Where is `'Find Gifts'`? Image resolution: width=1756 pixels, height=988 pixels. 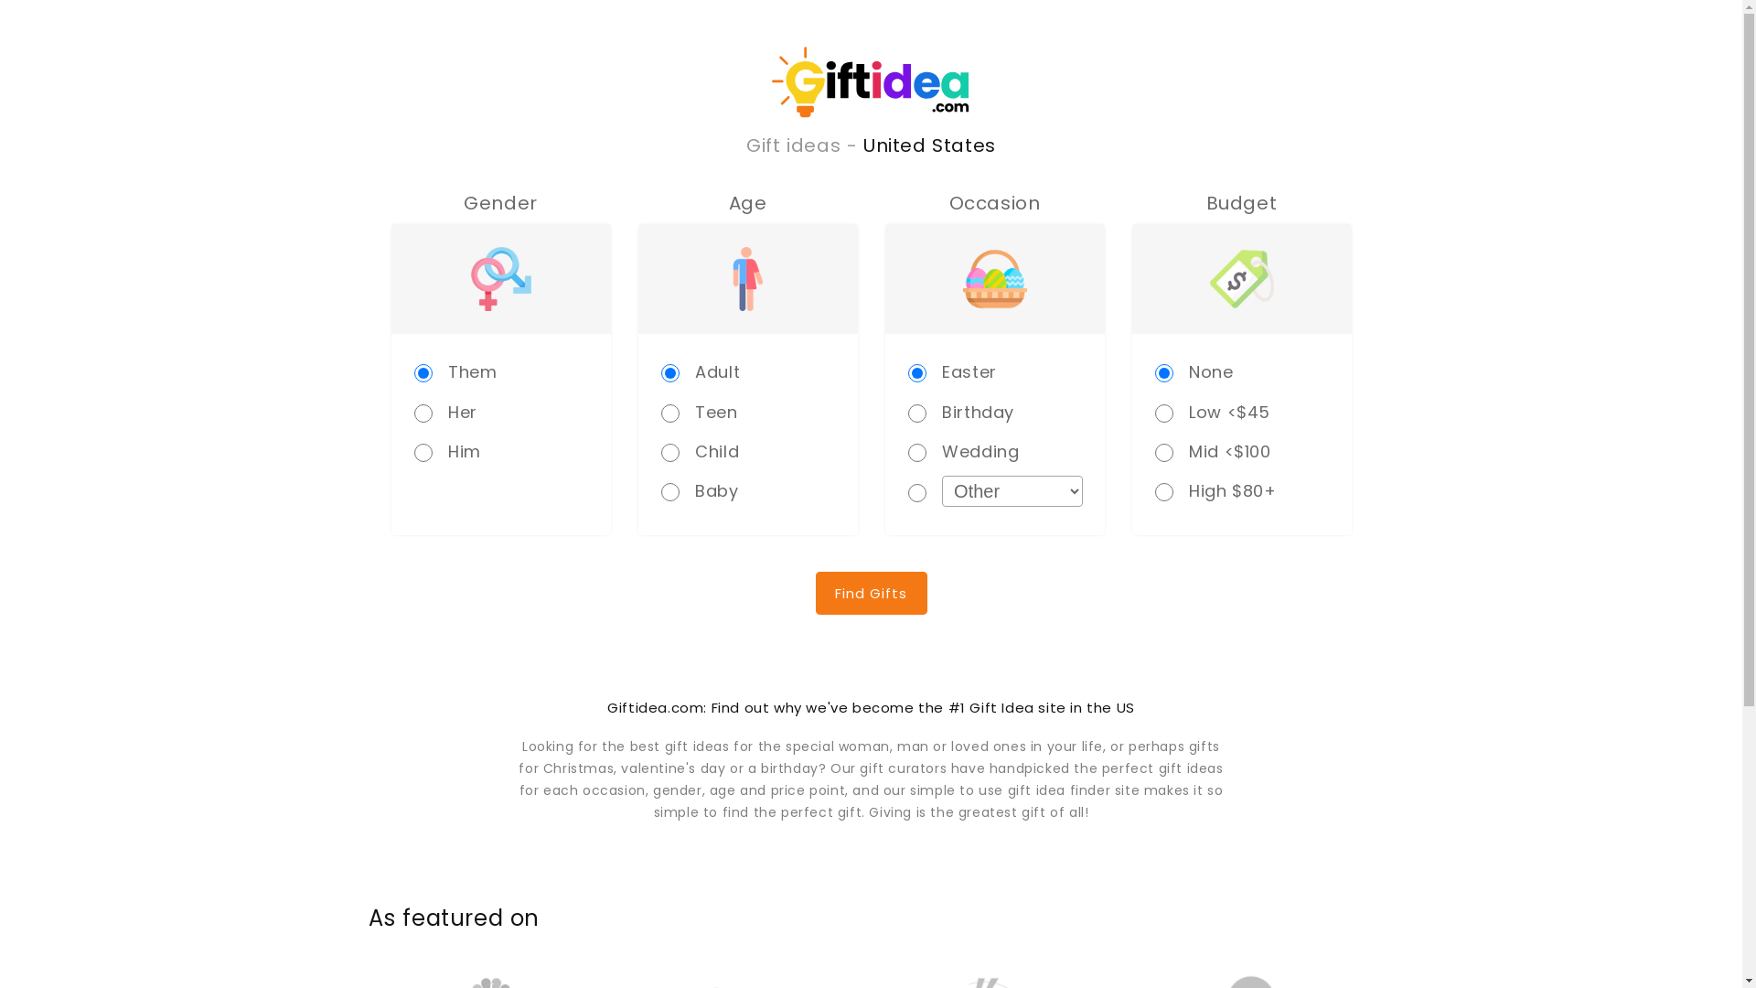 'Find Gifts' is located at coordinates (871, 593).